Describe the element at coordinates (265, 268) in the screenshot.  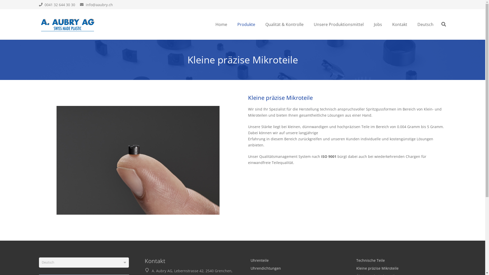
I see `'Uhrendichtungen'` at that location.